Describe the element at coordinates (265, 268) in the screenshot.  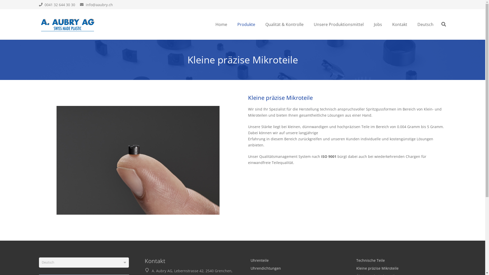
I see `'Uhrendichtungen'` at that location.